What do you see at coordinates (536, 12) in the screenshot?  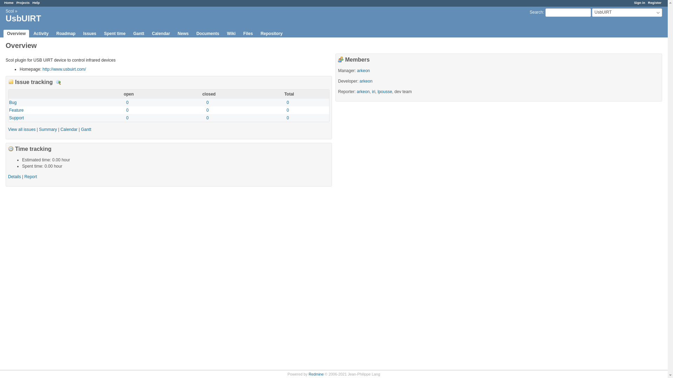 I see `'Search'` at bounding box center [536, 12].